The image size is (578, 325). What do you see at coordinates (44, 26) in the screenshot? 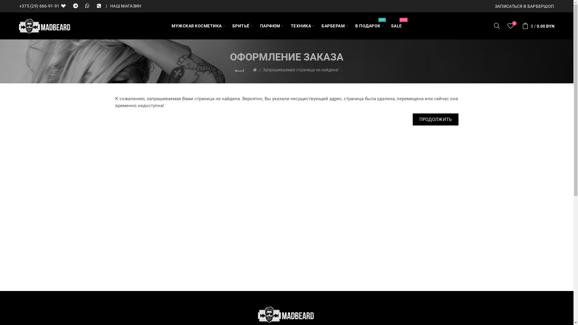
I see `'Madbeard.by'` at bounding box center [44, 26].